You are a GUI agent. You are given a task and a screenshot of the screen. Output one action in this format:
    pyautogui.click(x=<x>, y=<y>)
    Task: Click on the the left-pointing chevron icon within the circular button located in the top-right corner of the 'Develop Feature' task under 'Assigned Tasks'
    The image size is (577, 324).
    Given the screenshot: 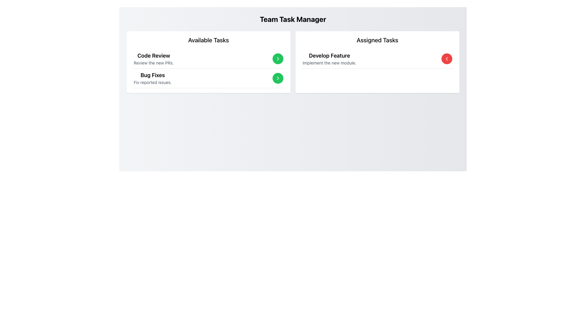 What is the action you would take?
    pyautogui.click(x=447, y=59)
    